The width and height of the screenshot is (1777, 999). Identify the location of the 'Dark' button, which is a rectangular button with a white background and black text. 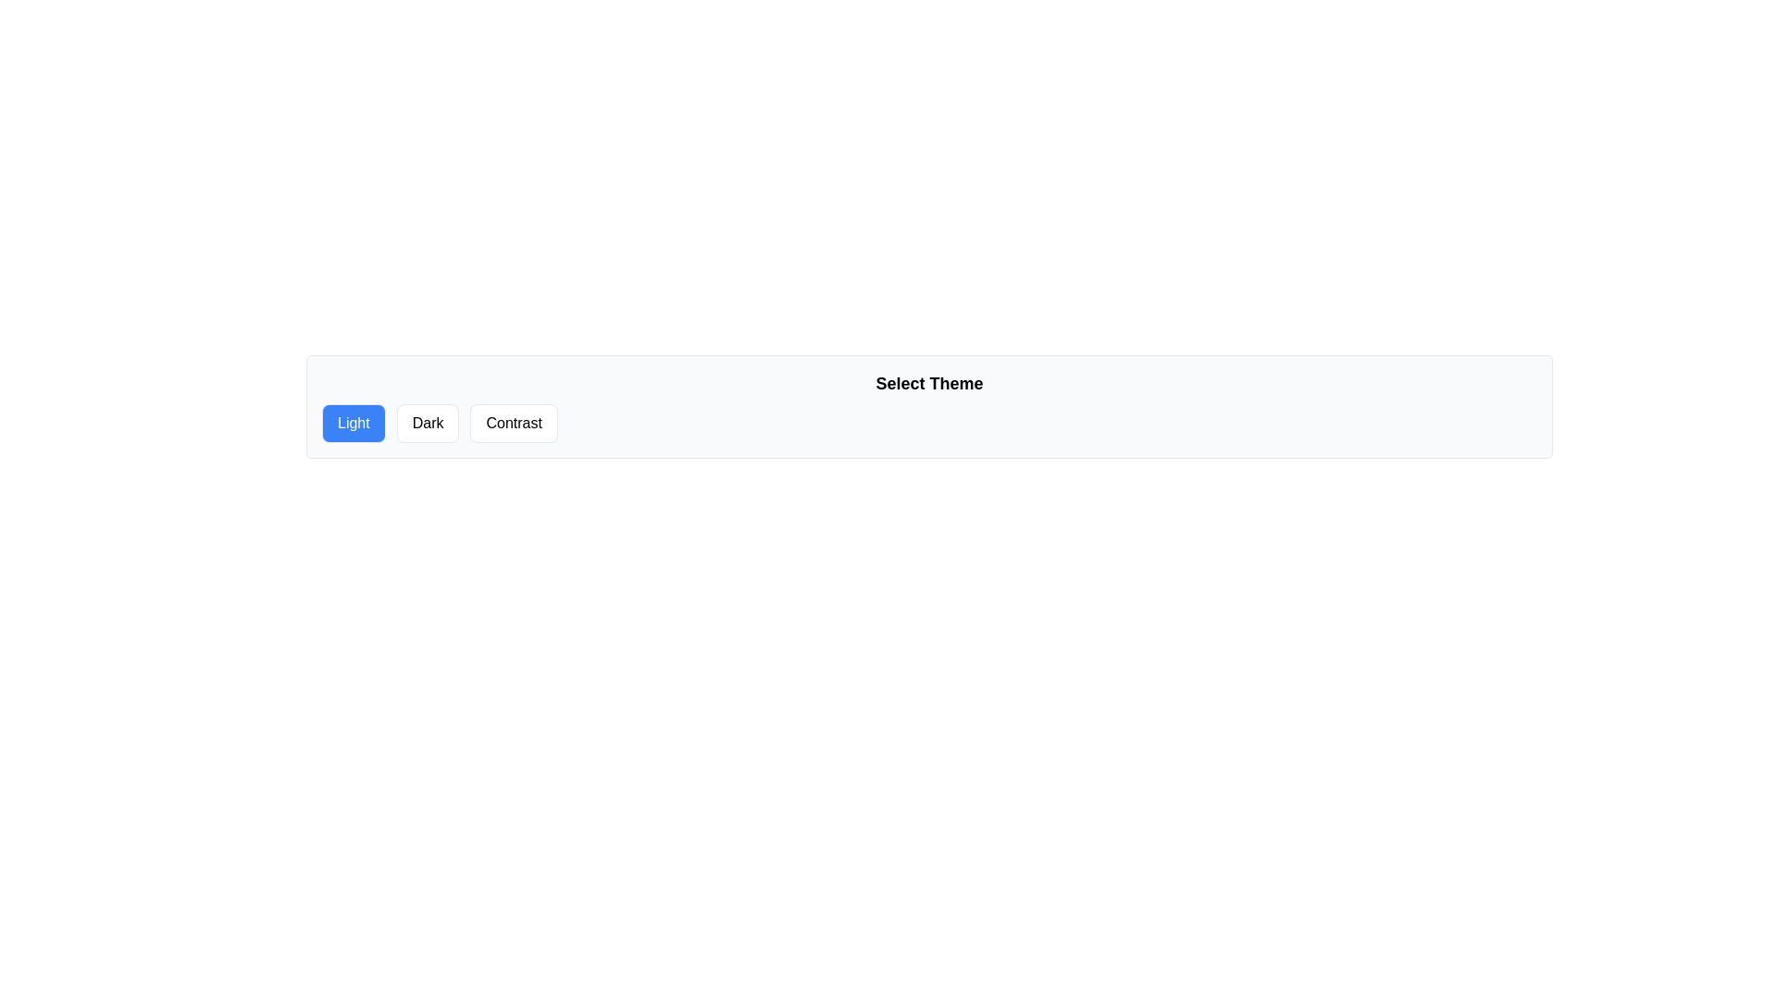
(427, 424).